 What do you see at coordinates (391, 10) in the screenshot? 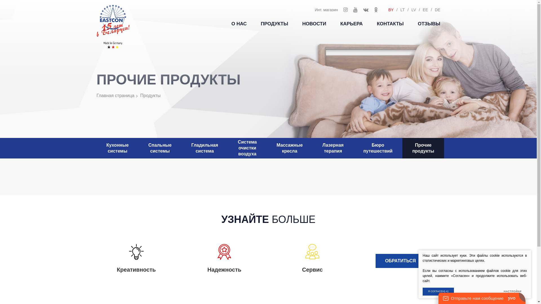
I see `'BY'` at bounding box center [391, 10].